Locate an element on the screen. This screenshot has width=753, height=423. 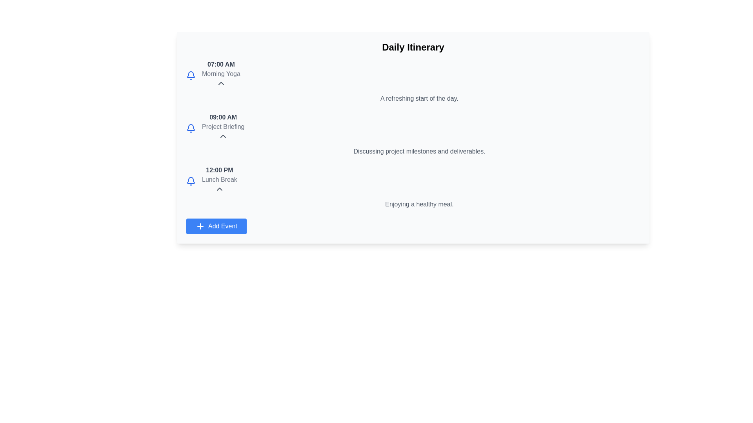
the small upward-pointing chevron icon styled in dark gray, located directly beneath the 'Lunch Break' text at 12:00 PM is located at coordinates (219, 189).